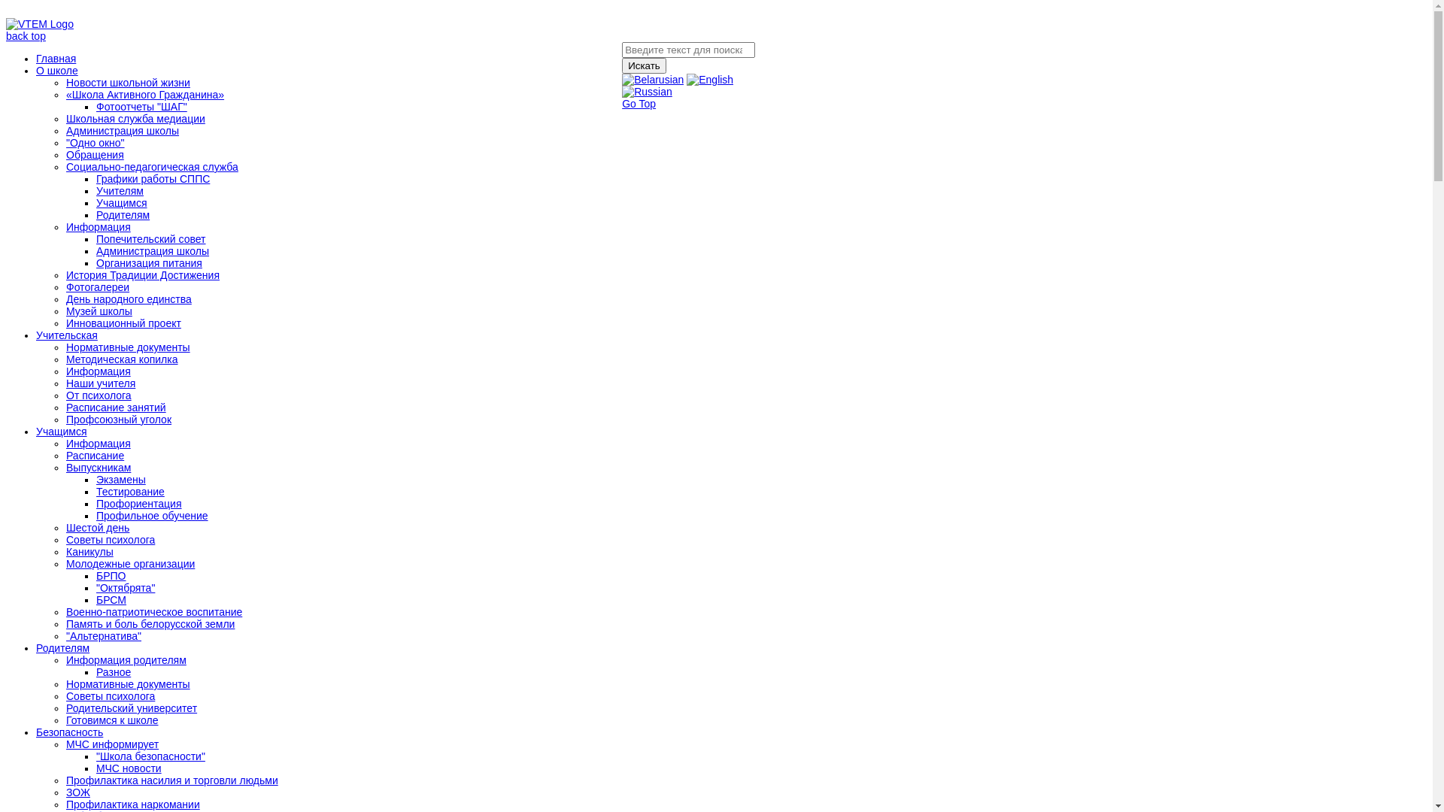  What do you see at coordinates (26, 35) in the screenshot?
I see `'back top'` at bounding box center [26, 35].